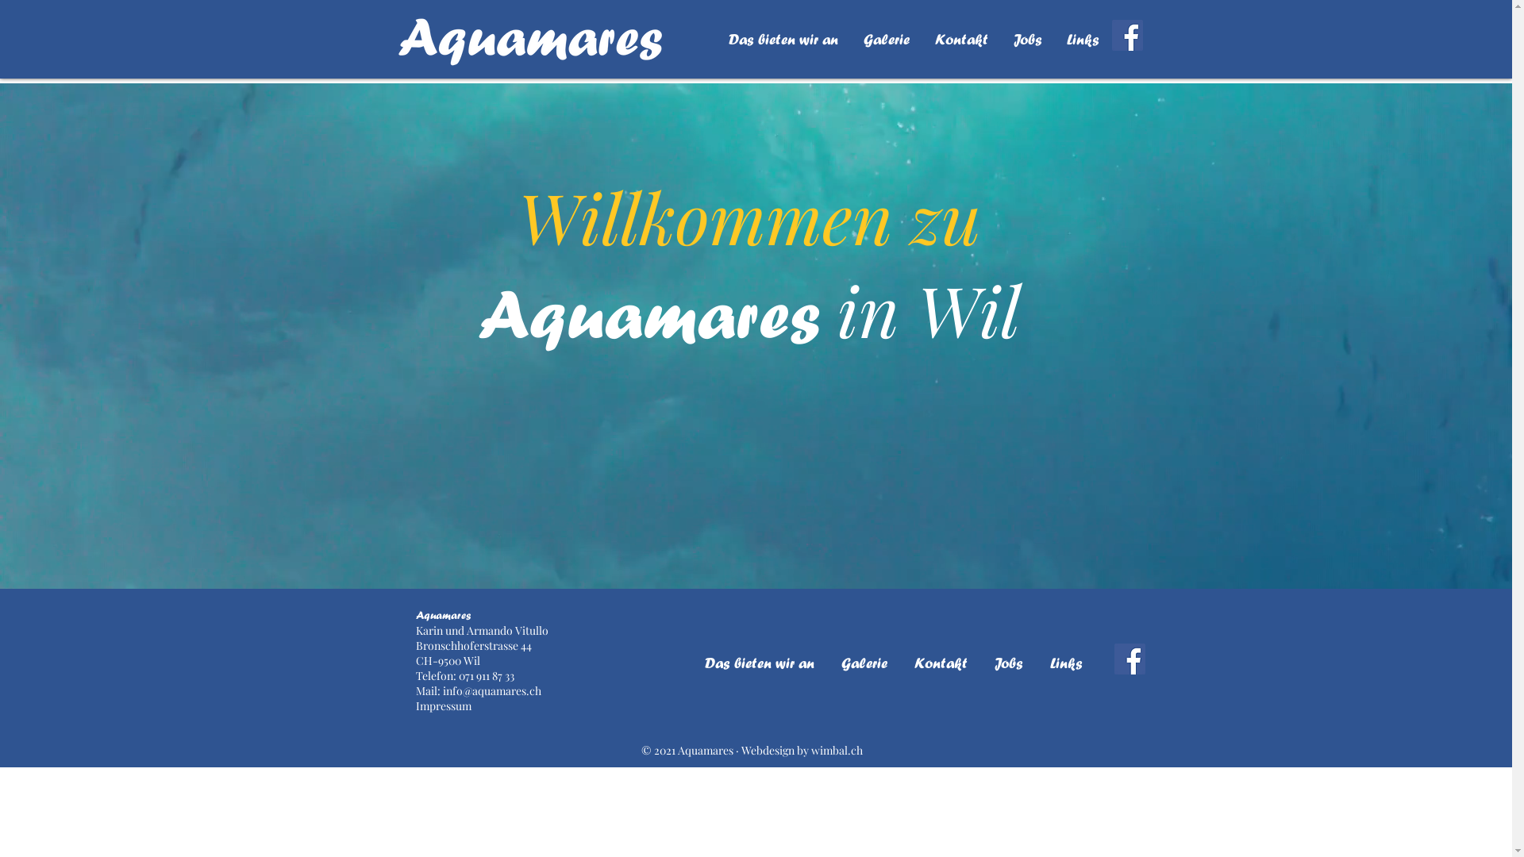 The image size is (1524, 857). What do you see at coordinates (415, 705) in the screenshot?
I see `'Impressum'` at bounding box center [415, 705].